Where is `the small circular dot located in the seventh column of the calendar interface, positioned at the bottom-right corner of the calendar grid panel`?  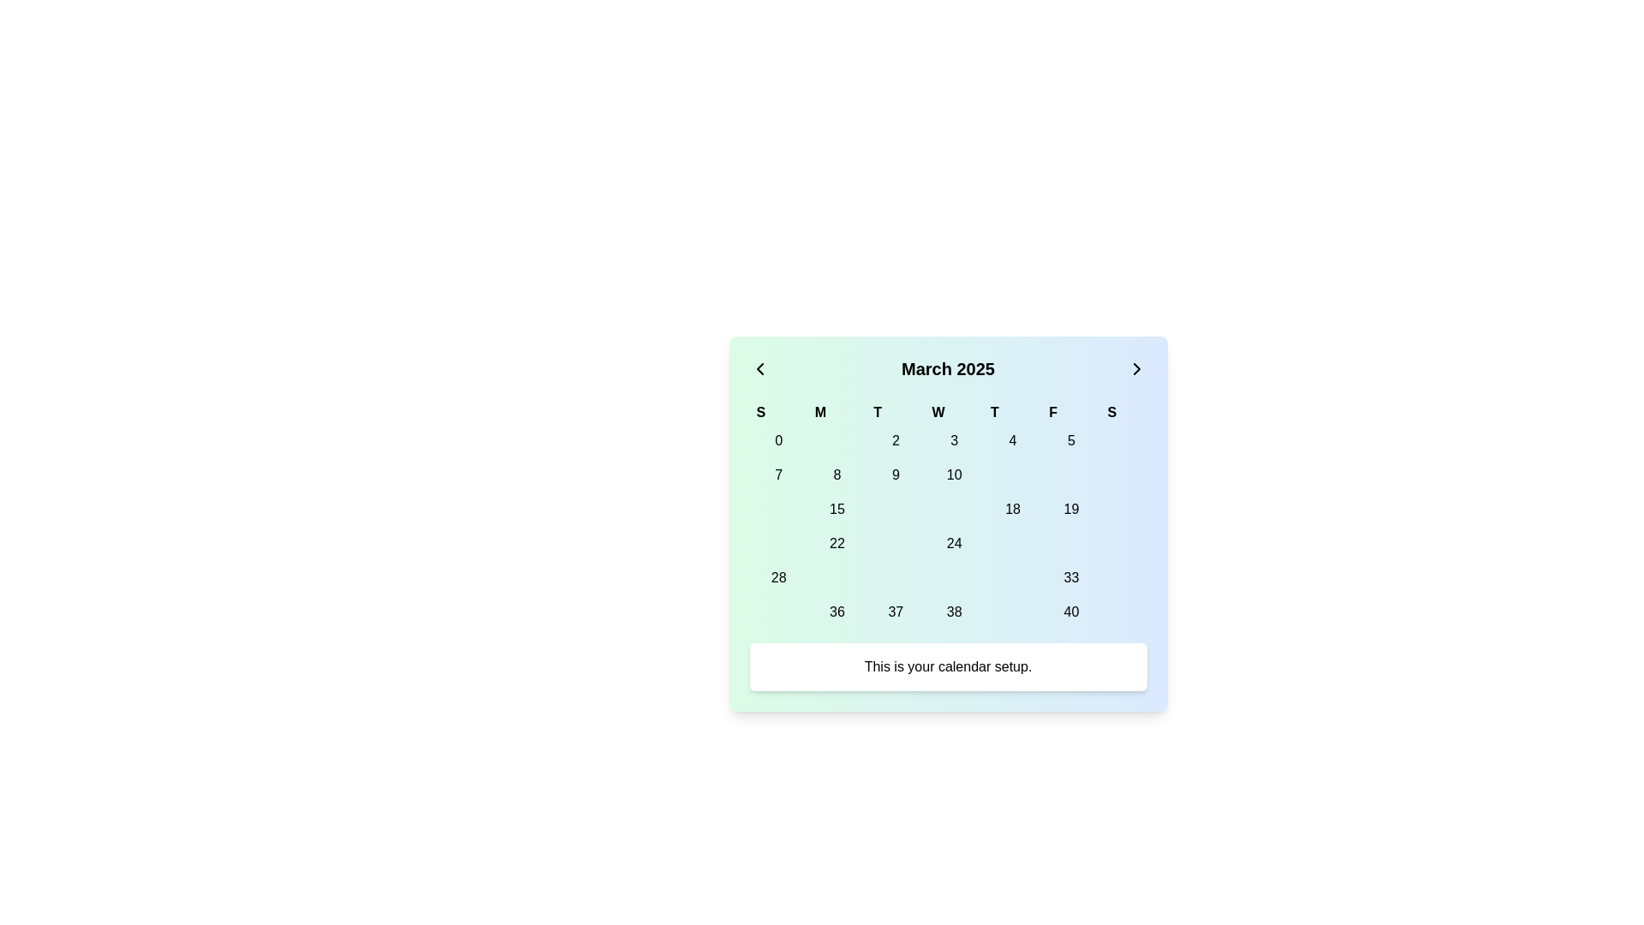
the small circular dot located in the seventh column of the calendar interface, positioned at the bottom-right corner of the calendar grid panel is located at coordinates (1123, 508).